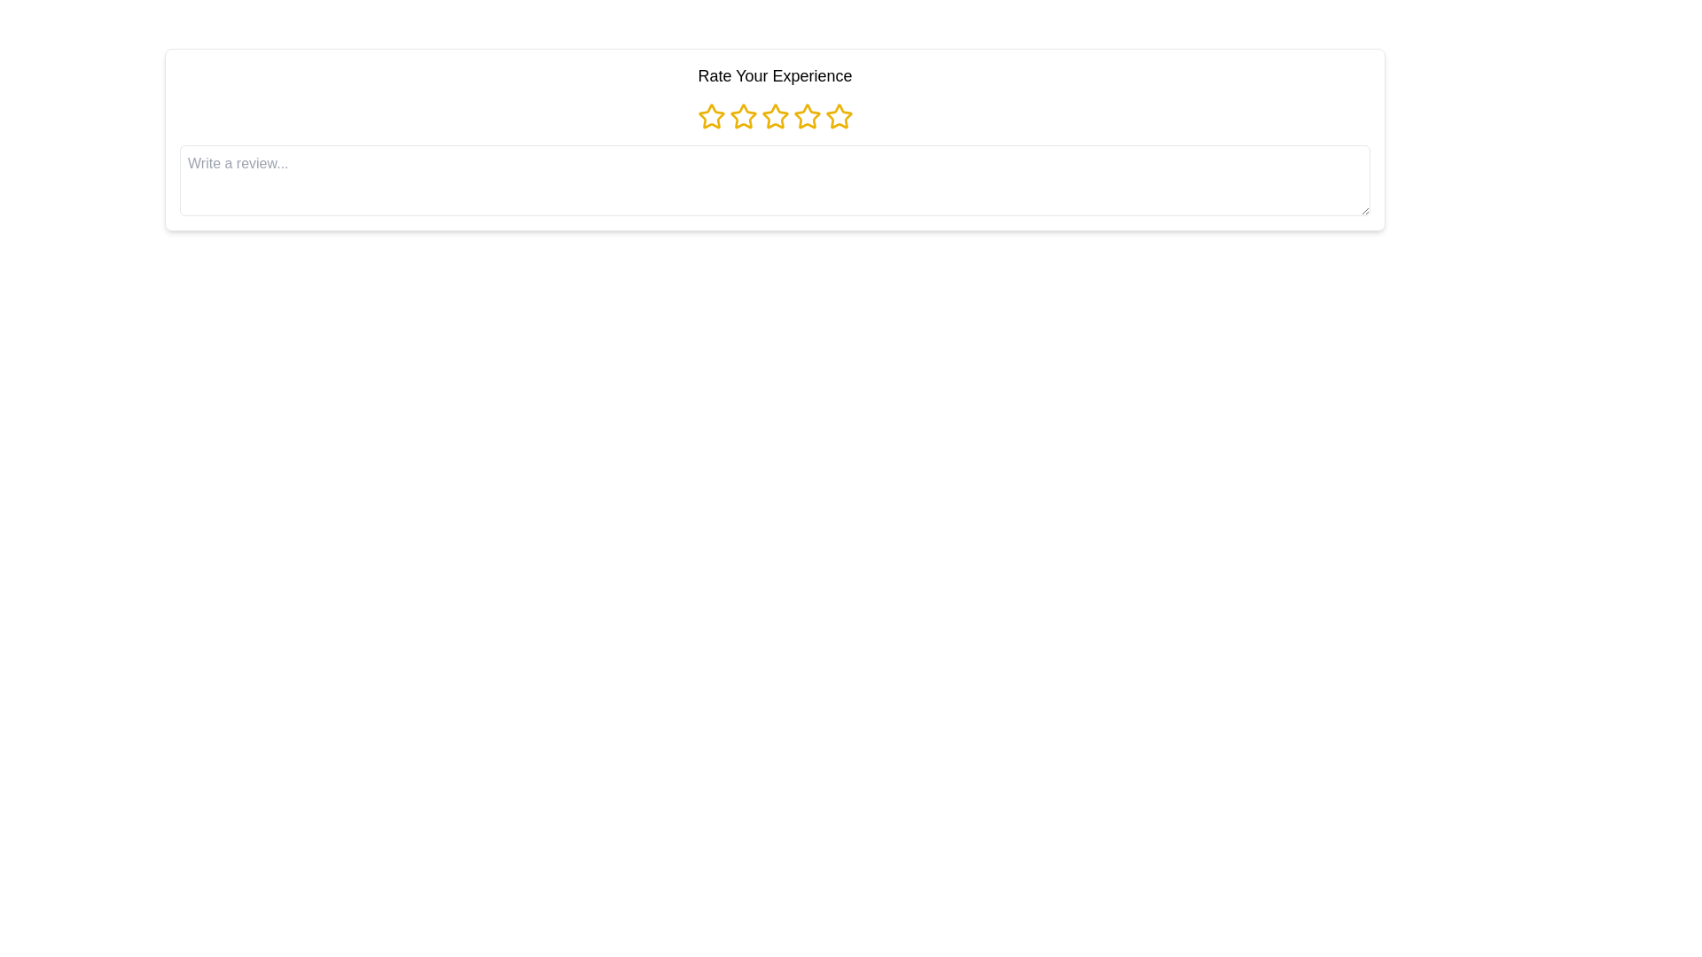  I want to click on the third filled yellow star icon in the rating component located centrally below the heading 'Rate Your Experience' to rate it, so click(775, 116).